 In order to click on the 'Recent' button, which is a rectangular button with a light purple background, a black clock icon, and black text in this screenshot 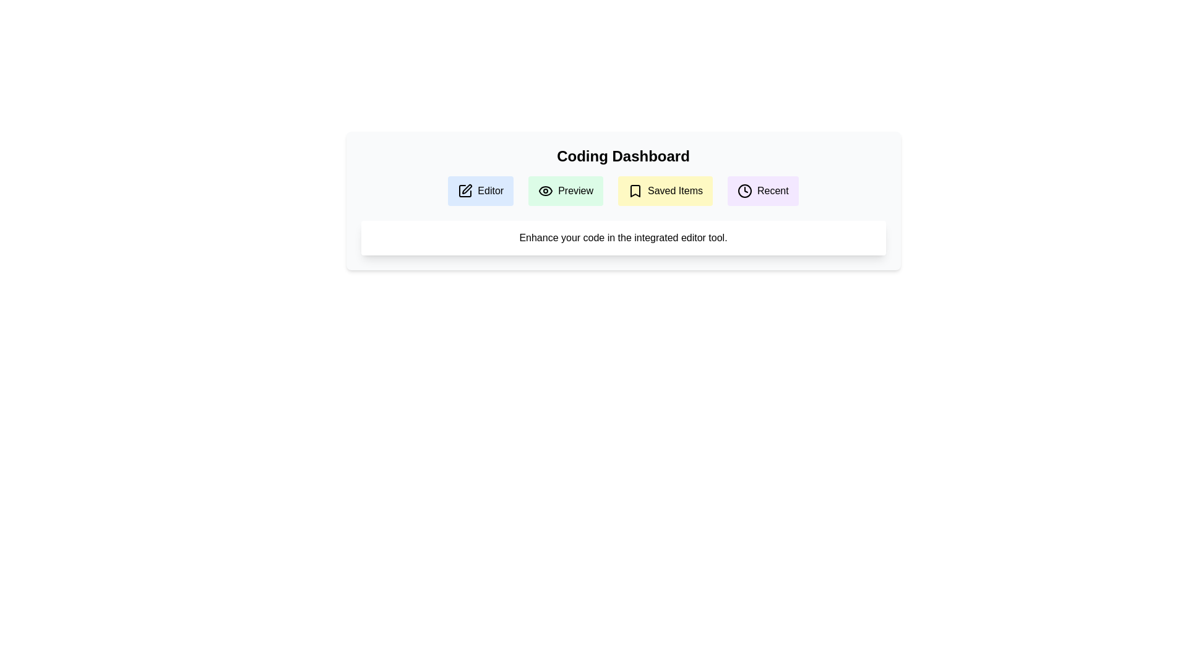, I will do `click(762, 191)`.